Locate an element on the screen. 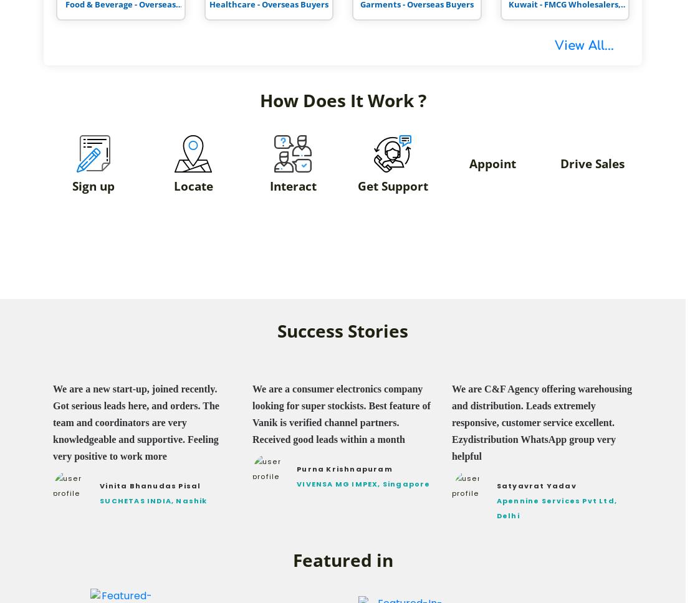 The image size is (695, 603). 'Vinita Bhanudas Pisal' is located at coordinates (150, 485).